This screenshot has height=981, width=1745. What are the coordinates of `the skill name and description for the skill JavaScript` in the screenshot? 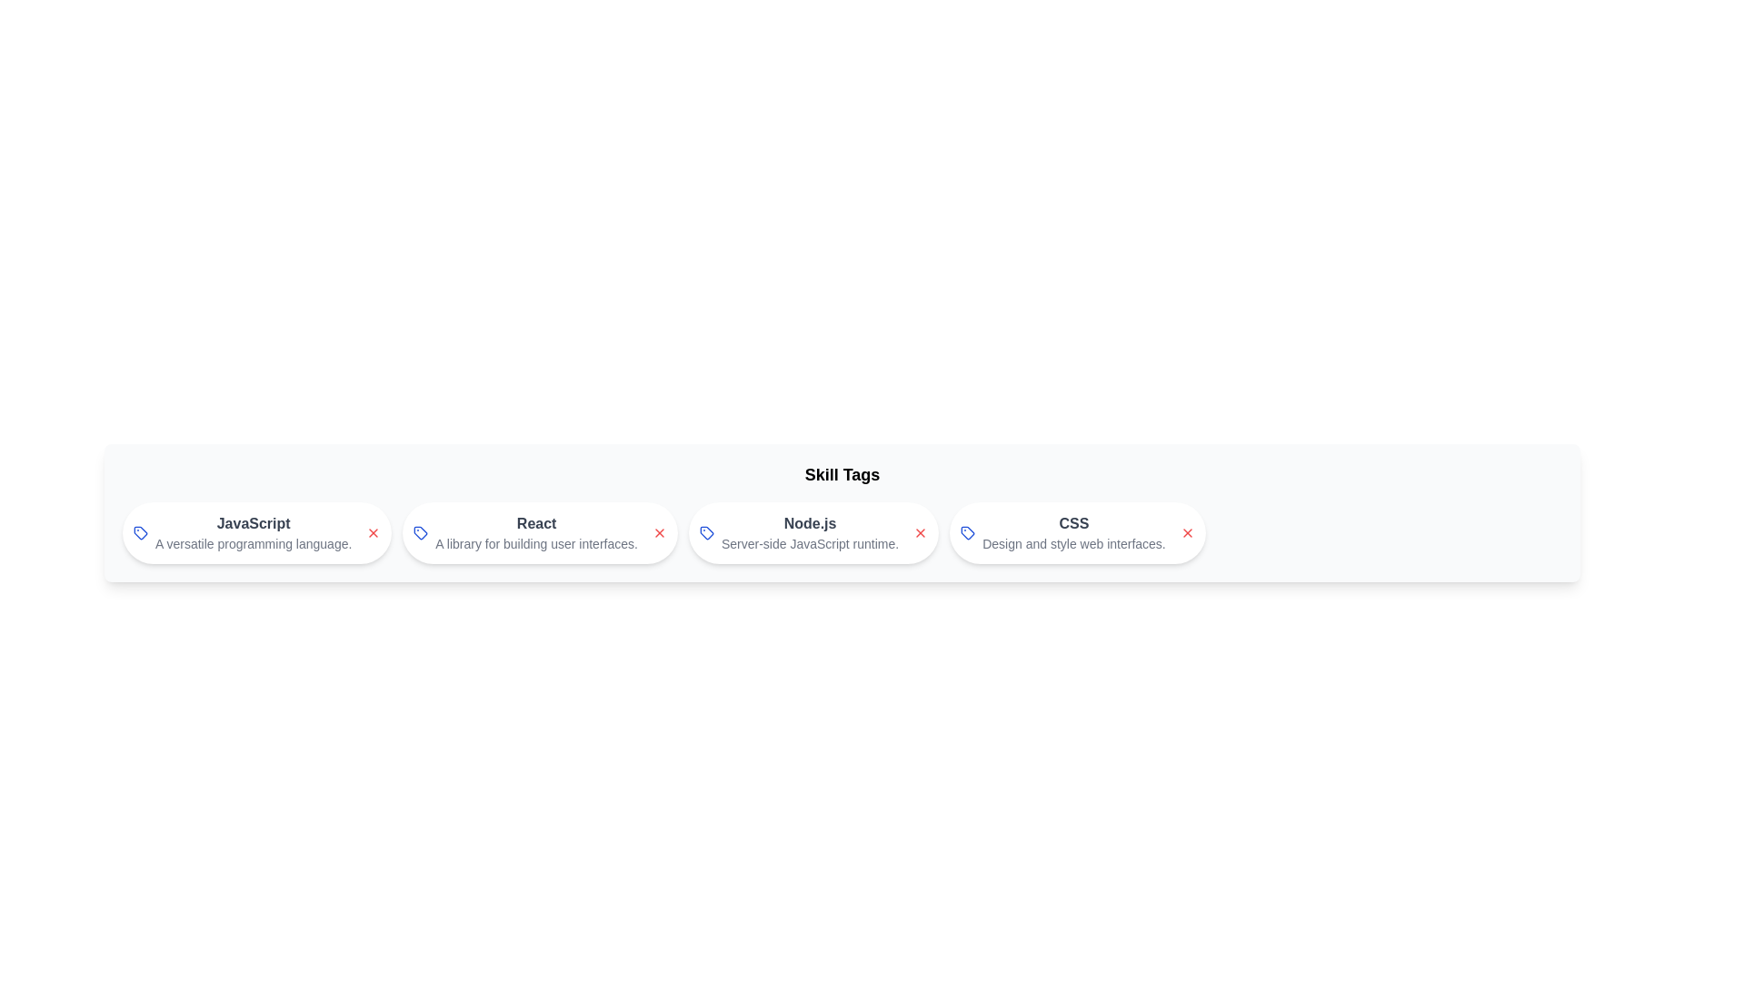 It's located at (252, 524).